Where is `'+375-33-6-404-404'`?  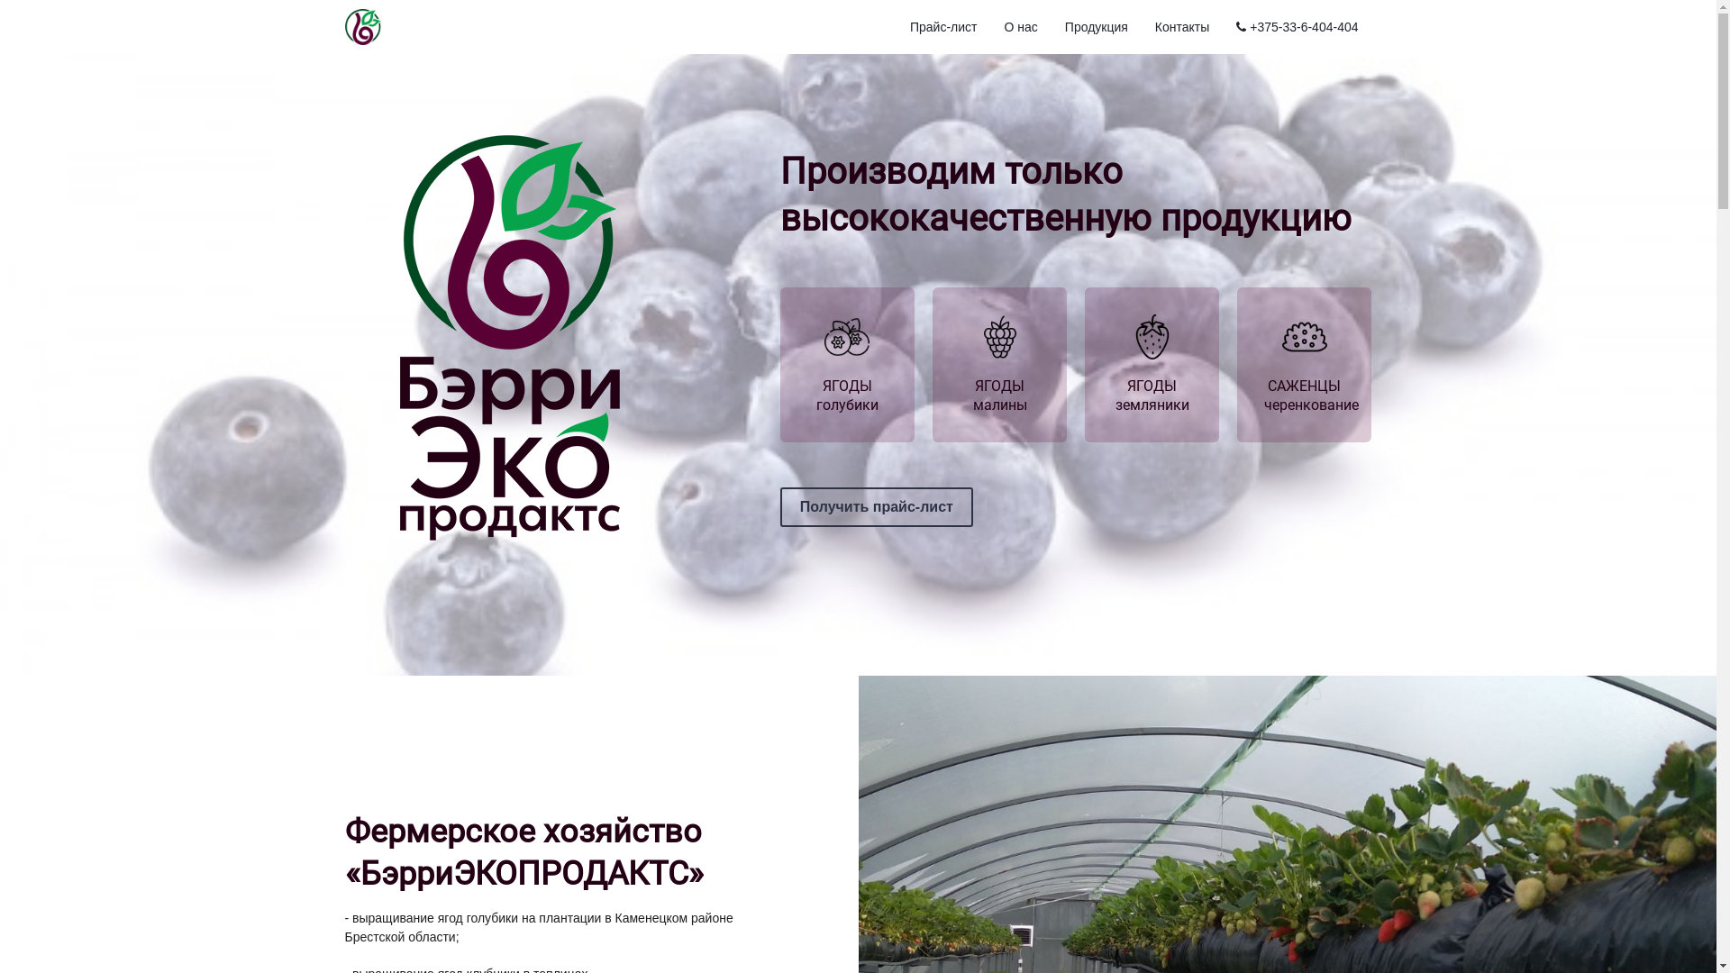 '+375-33-6-404-404' is located at coordinates (1225, 27).